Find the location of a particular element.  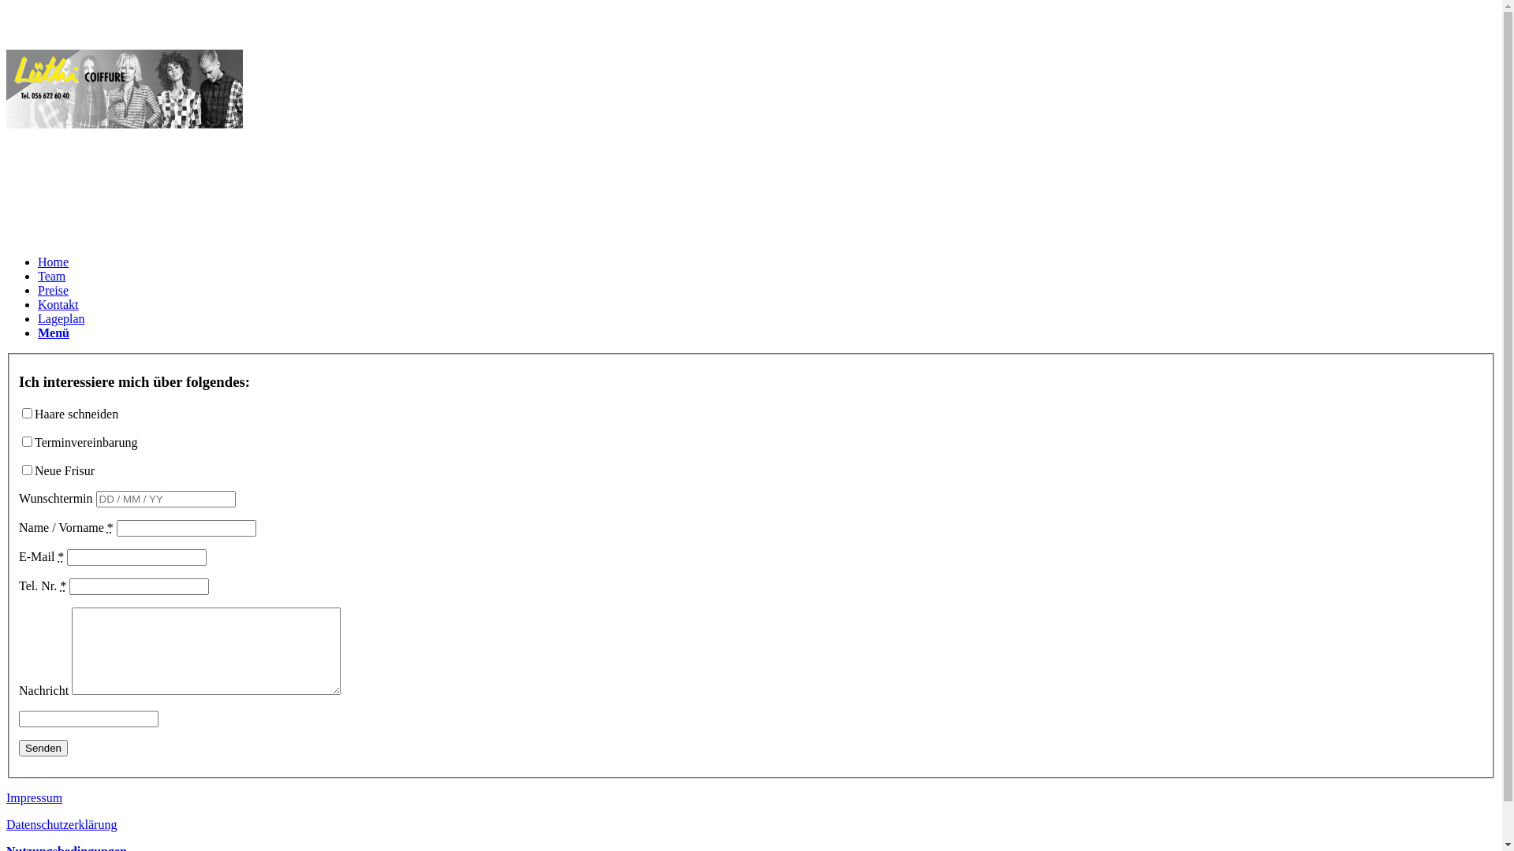

'Team' is located at coordinates (51, 275).